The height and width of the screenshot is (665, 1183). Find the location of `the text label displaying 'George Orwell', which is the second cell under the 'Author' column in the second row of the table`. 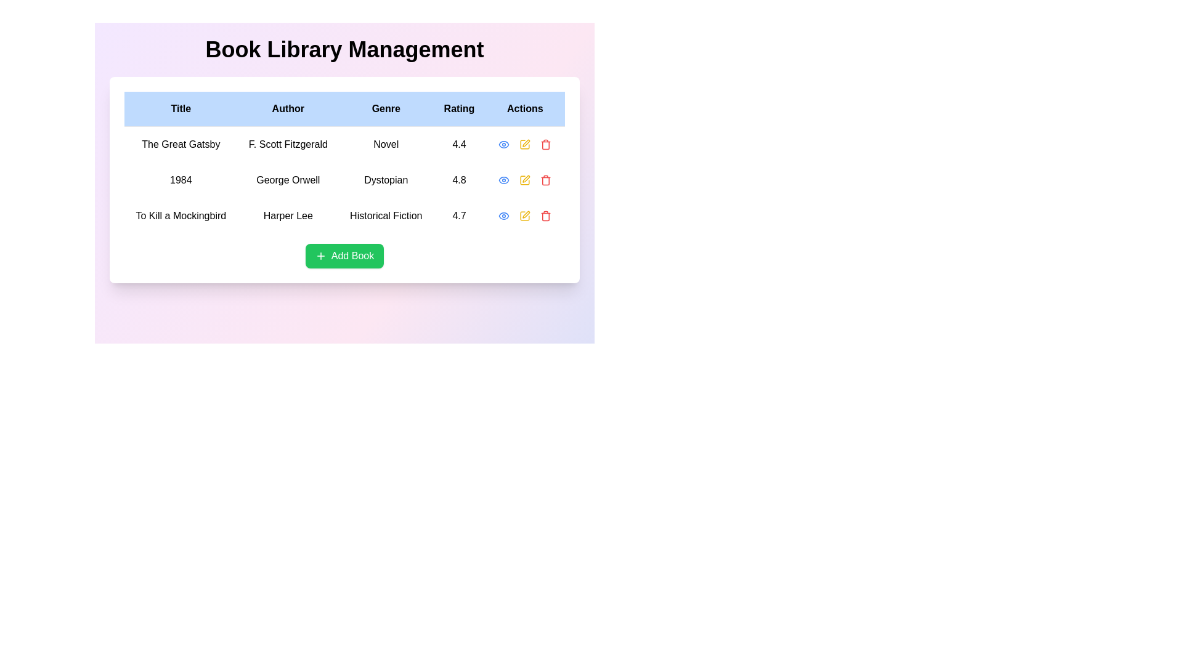

the text label displaying 'George Orwell', which is the second cell under the 'Author' column in the second row of the table is located at coordinates (287, 180).